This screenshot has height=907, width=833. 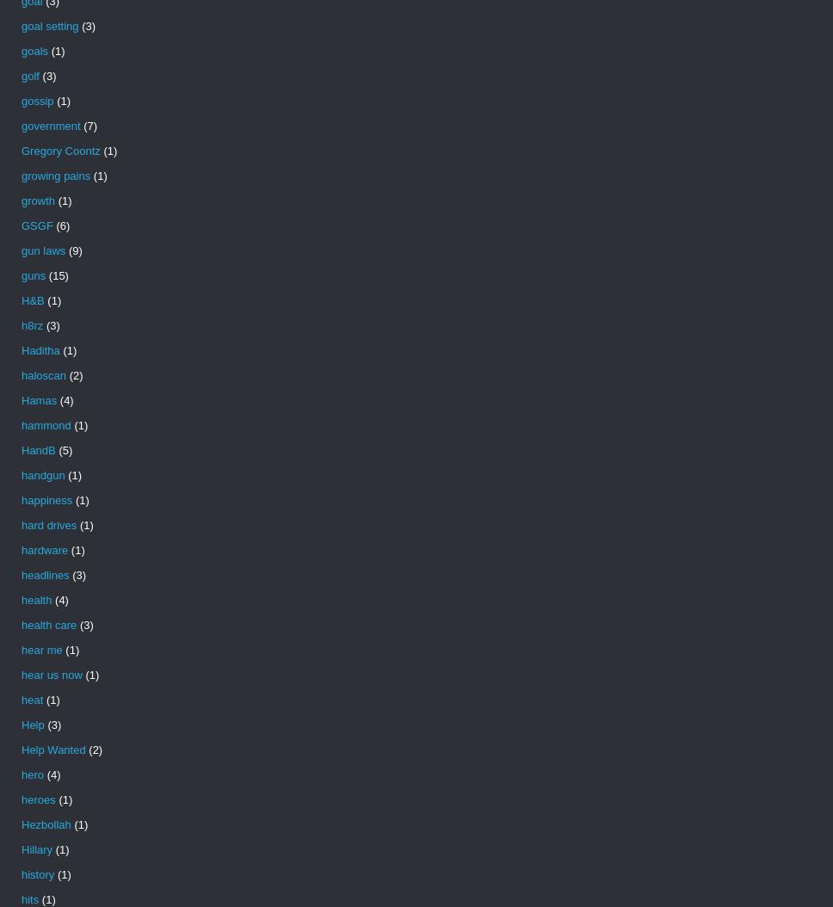 What do you see at coordinates (40, 349) in the screenshot?
I see `'Haditha'` at bounding box center [40, 349].